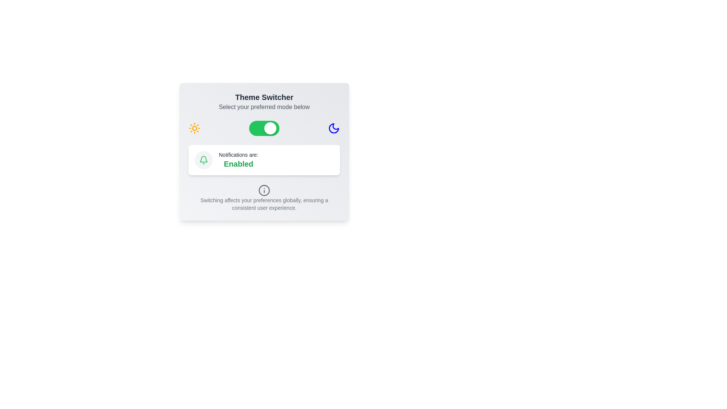  Describe the element at coordinates (264, 101) in the screenshot. I see `the textual heading with subtitle that describes the theme-switching functionality, located at the top section of the card-like interface` at that location.